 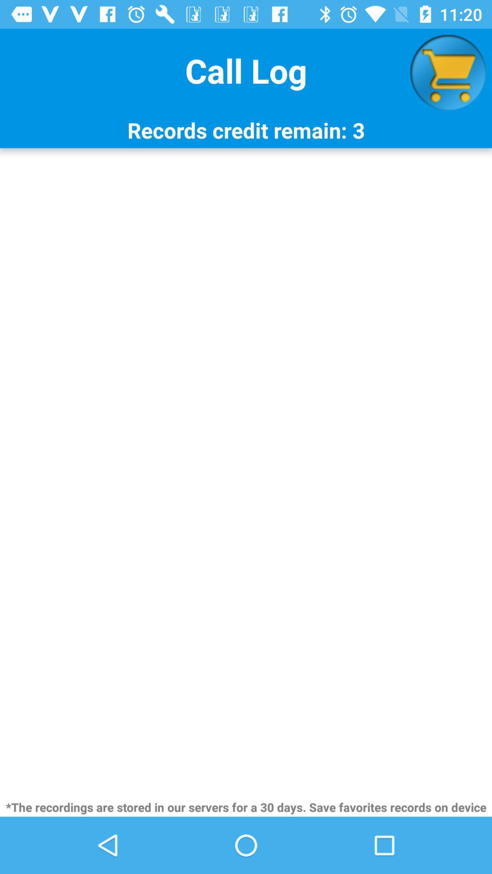 What do you see at coordinates (447, 72) in the screenshot?
I see `the cart icon` at bounding box center [447, 72].